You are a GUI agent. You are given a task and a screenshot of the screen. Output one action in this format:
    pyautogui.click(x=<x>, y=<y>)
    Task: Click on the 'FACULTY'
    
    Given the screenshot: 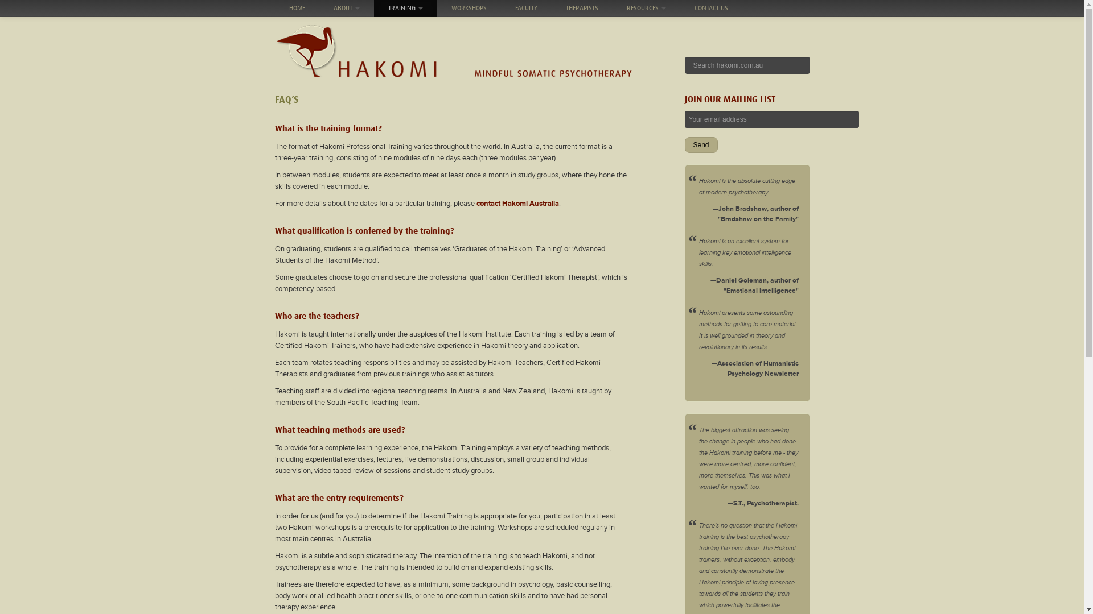 What is the action you would take?
    pyautogui.click(x=525, y=9)
    